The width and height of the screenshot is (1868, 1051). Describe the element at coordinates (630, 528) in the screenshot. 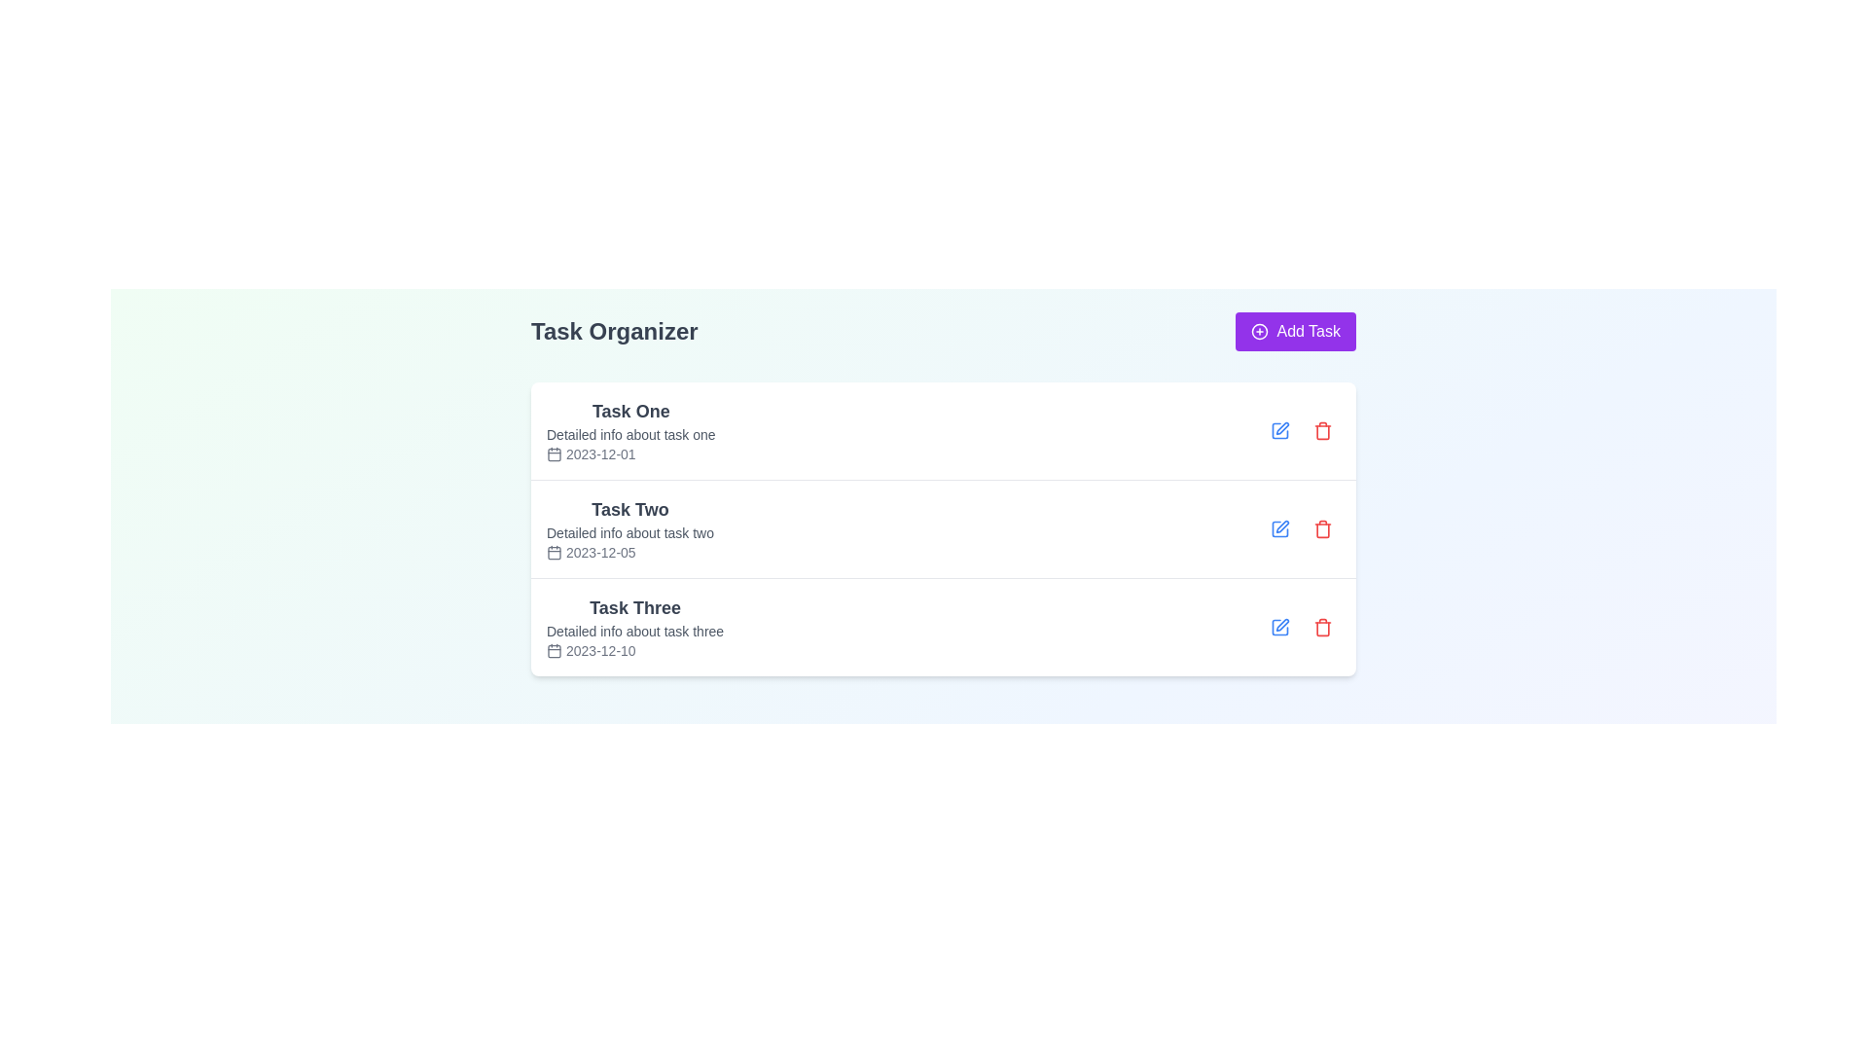

I see `the second task item in the list that summarizes a task with its title, description, and deadline date` at that location.